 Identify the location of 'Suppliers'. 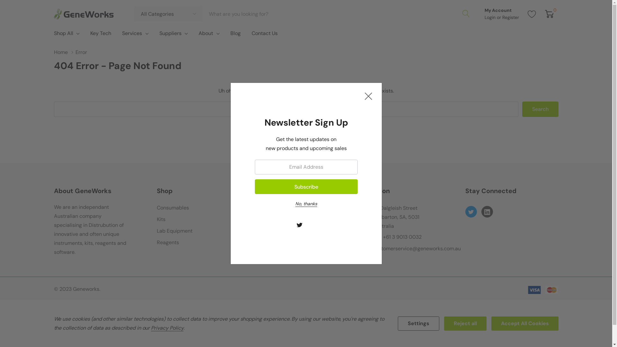
(159, 33).